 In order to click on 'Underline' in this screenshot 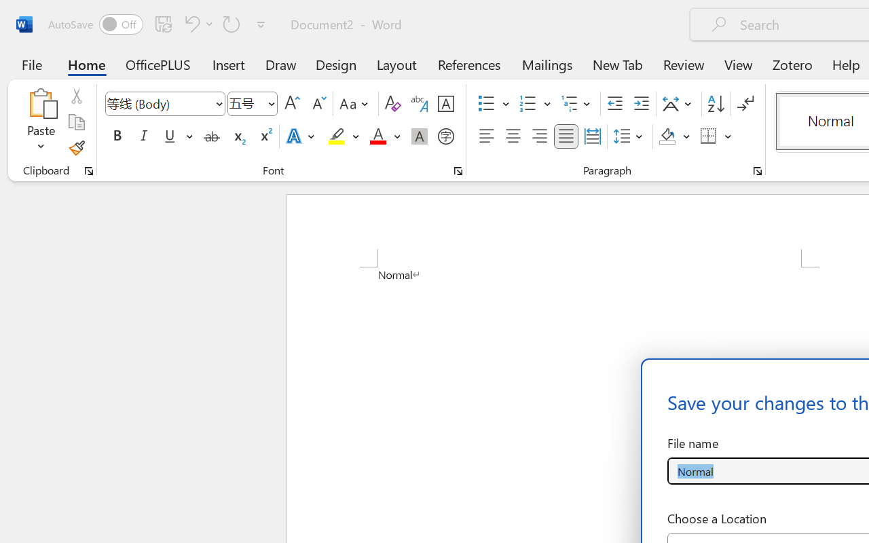, I will do `click(177, 136)`.